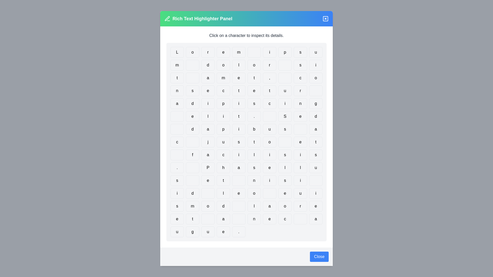  What do you see at coordinates (319, 257) in the screenshot?
I see `the close button to close the dialog` at bounding box center [319, 257].